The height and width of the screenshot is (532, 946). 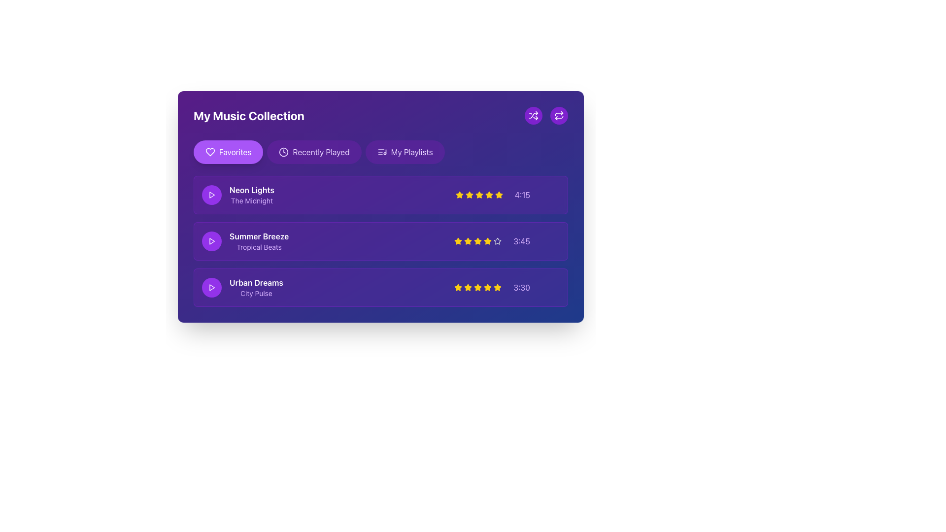 I want to click on the text label providing additional information below 'Neon Lights' in the music collection interface, so click(x=252, y=200).